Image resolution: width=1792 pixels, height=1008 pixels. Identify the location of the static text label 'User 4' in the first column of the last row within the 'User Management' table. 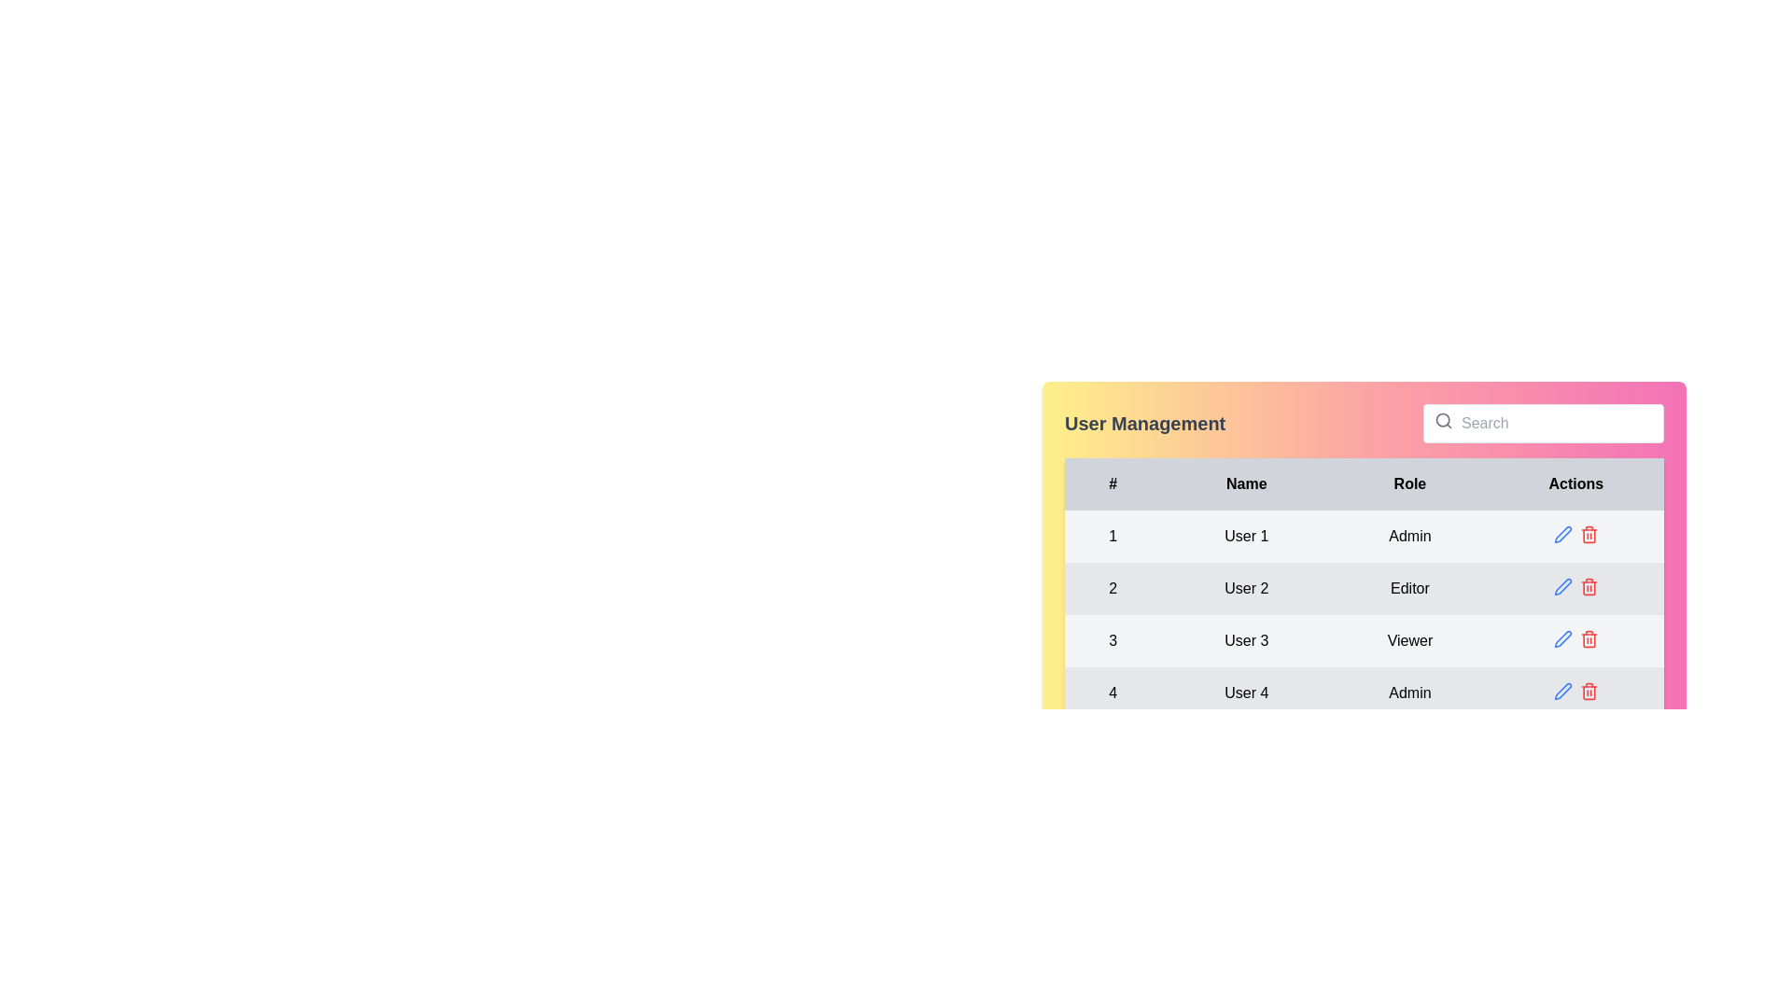
(1113, 693).